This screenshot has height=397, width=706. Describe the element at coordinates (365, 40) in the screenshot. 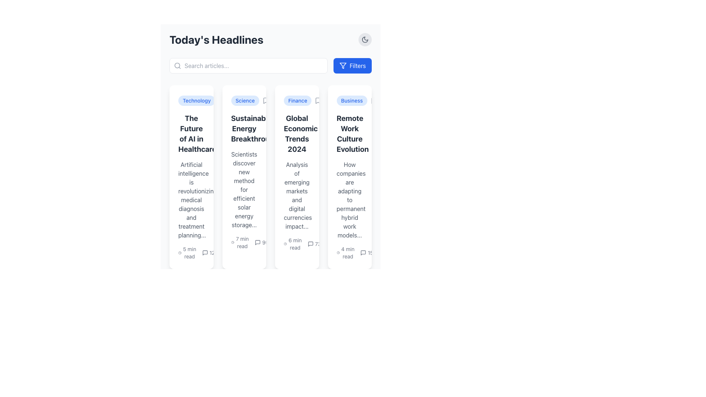

I see `moon icon button located at the top-right section of the UI for developer tools` at that location.